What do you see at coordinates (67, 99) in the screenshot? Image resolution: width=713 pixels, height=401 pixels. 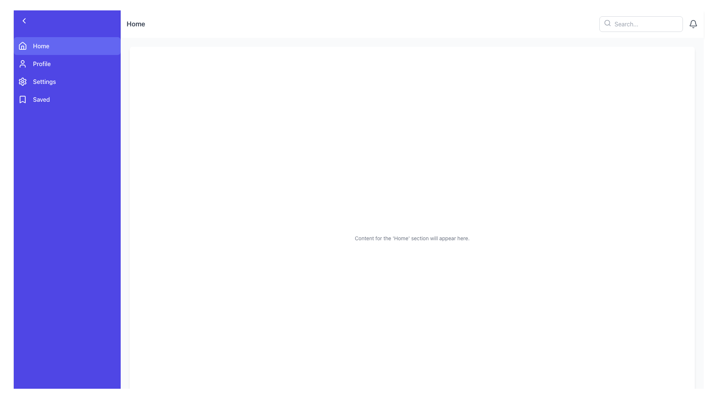 I see `the 'Saved' button with a bookmark icon located in the sidebar for keyboard navigation` at bounding box center [67, 99].